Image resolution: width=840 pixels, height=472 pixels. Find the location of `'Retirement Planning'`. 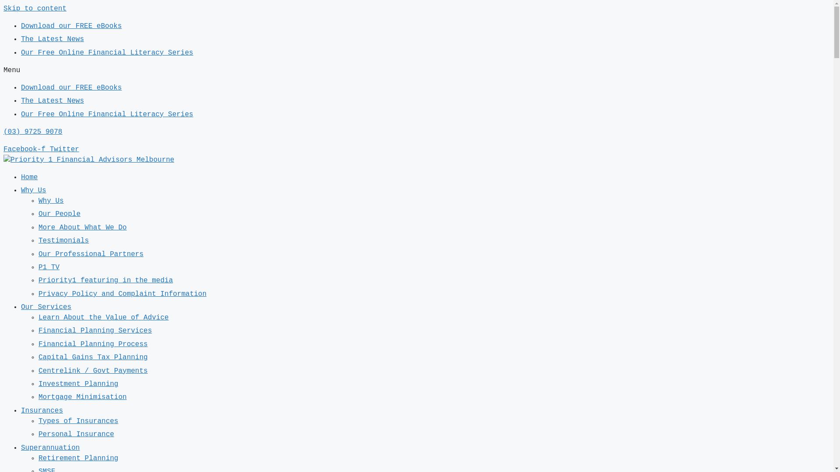

'Retirement Planning' is located at coordinates (78, 458).